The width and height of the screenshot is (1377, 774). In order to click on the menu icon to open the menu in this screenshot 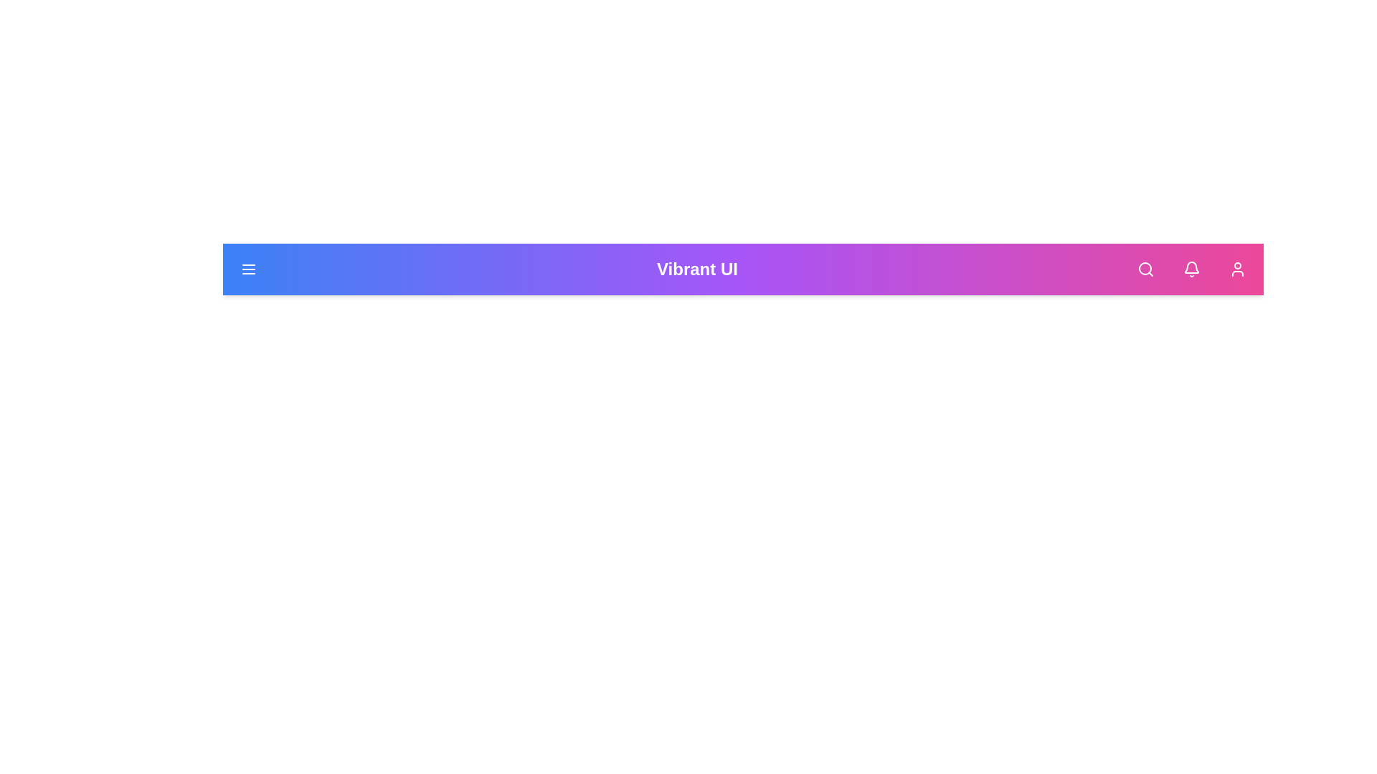, I will do `click(248, 269)`.